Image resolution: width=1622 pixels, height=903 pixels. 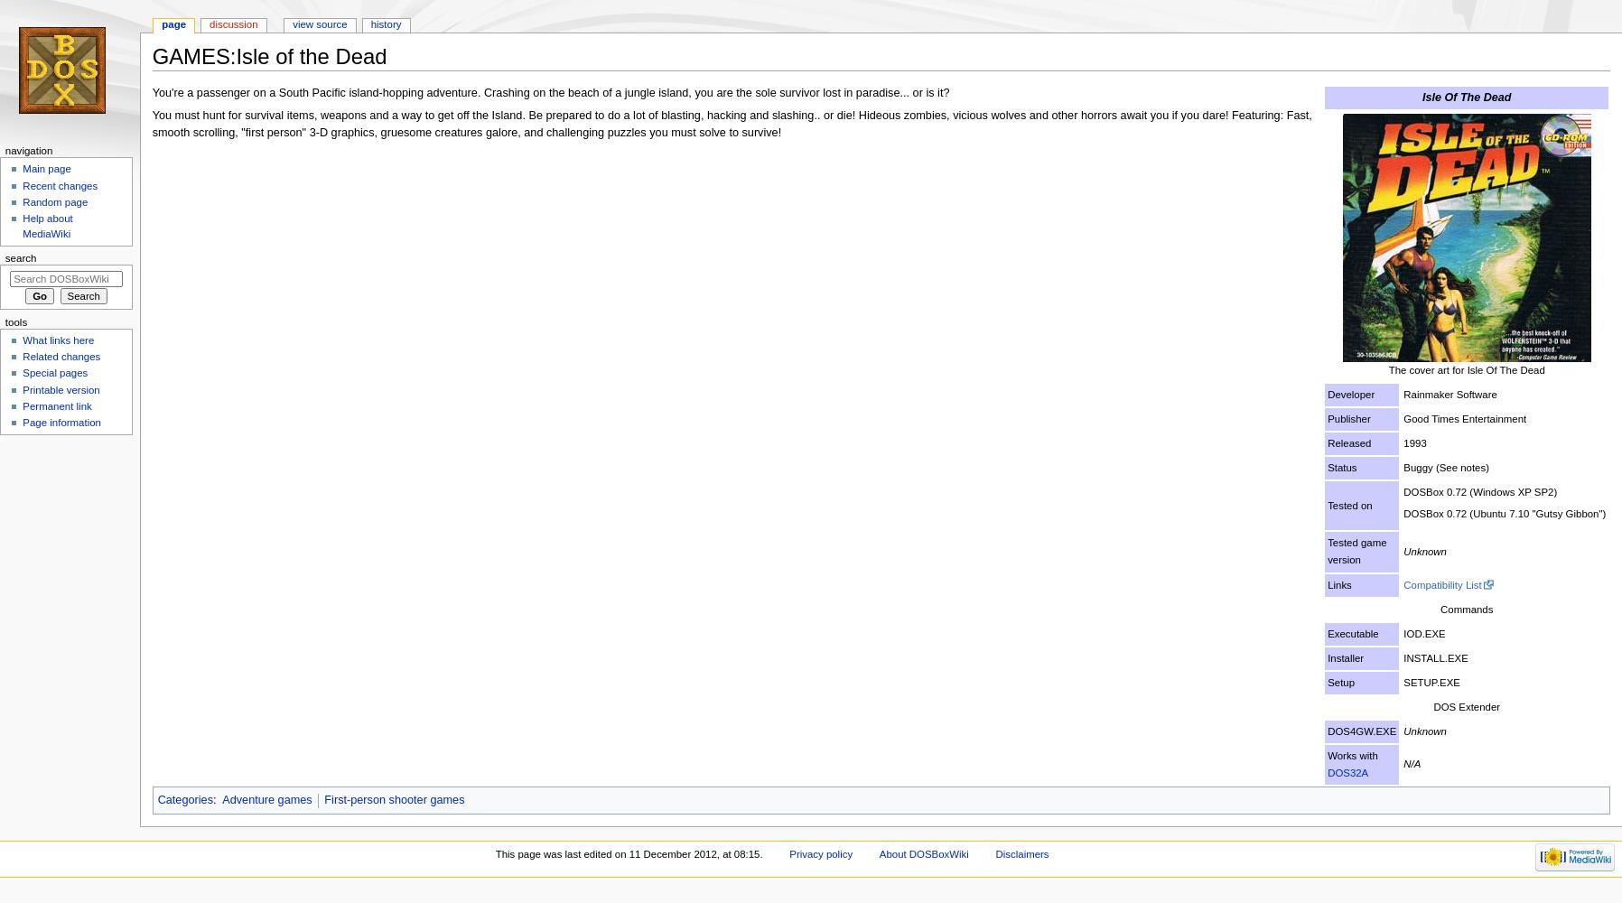 I want to click on 'DOSBox 0.72 (Ubuntu 7.10 "Gutsy Gibbon")', so click(x=1504, y=512).